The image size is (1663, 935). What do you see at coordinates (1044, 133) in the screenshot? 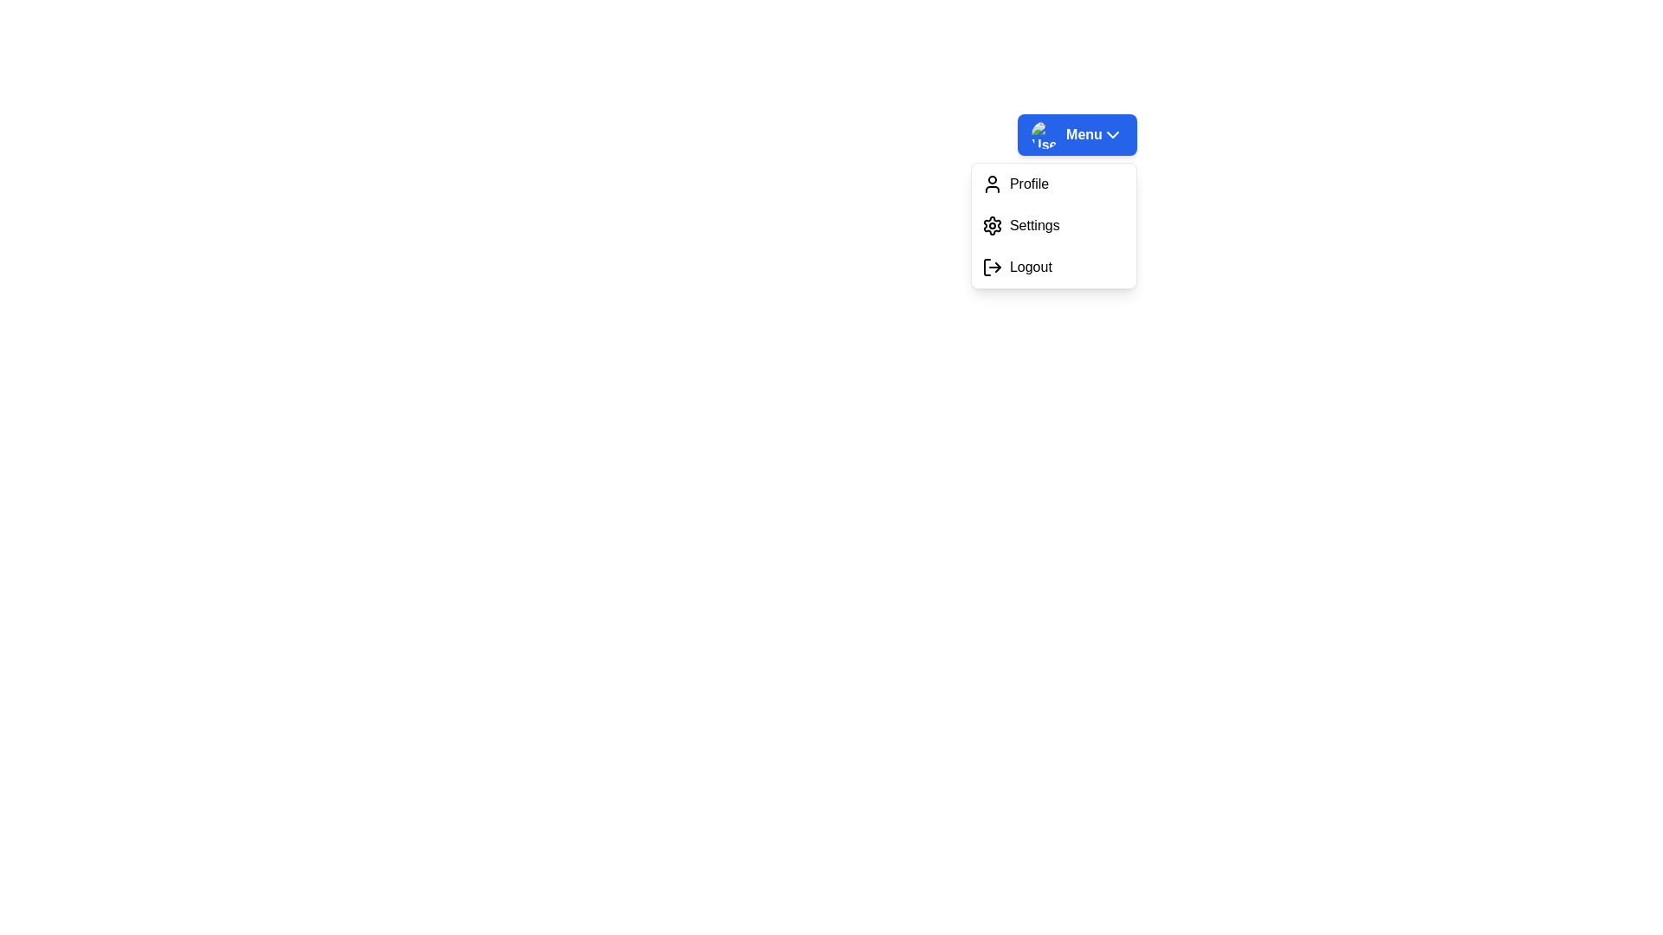
I see `the avatar image in the dropdown menu` at bounding box center [1044, 133].